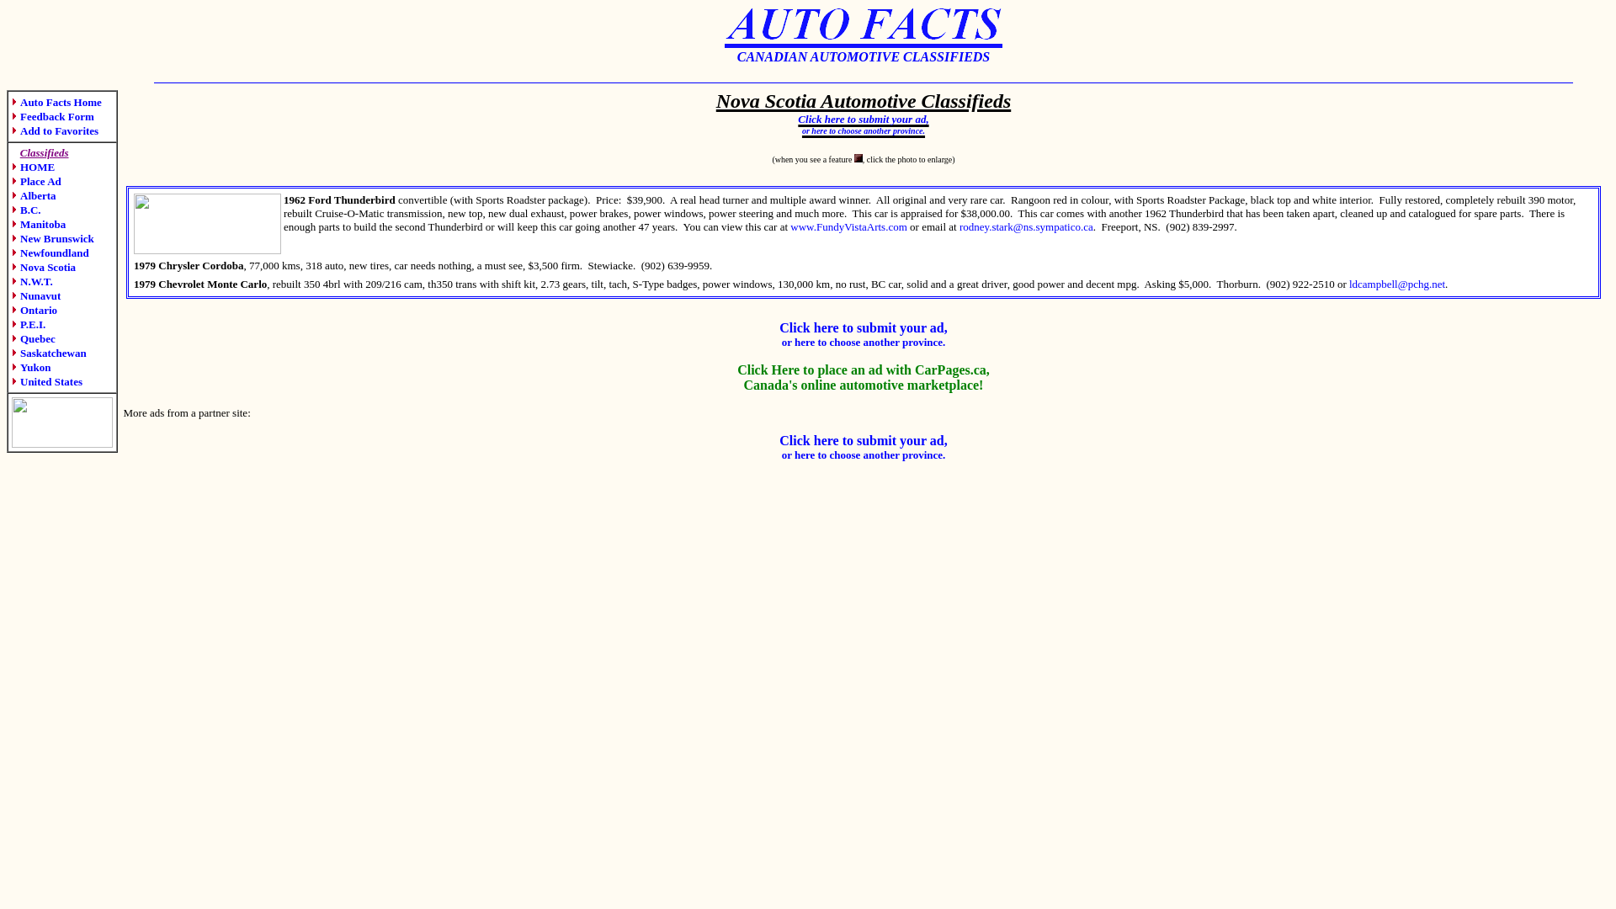 This screenshot has height=909, width=1616. I want to click on 'Saskatchewan', so click(49, 352).